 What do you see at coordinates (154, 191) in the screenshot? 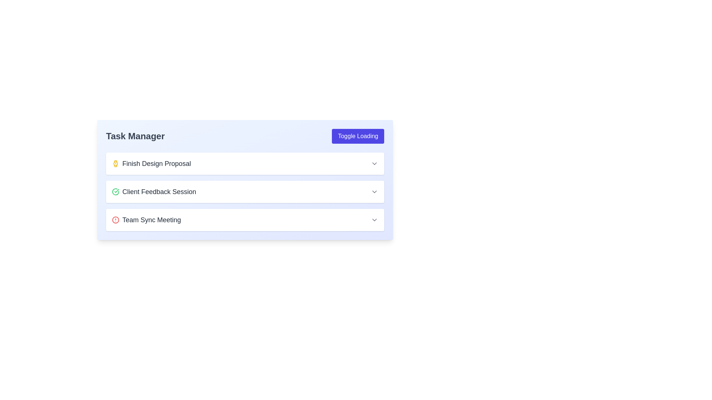
I see `the task labeled 'Client Feedback Session' in the Task Manager` at bounding box center [154, 191].